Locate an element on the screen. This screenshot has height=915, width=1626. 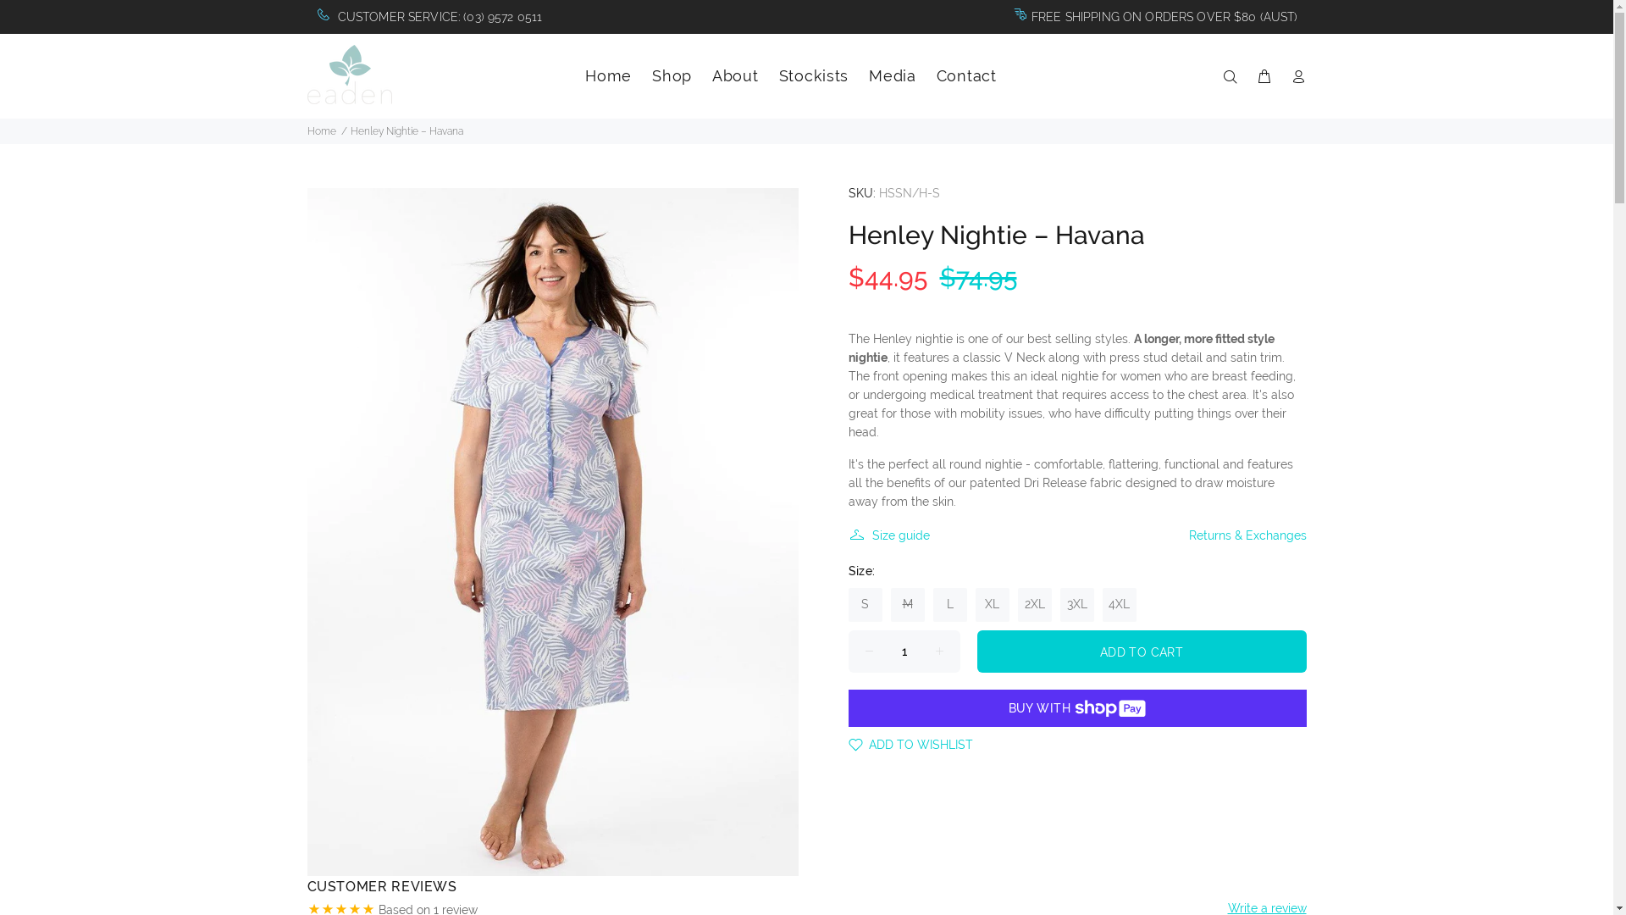
'Returns & Exchanges' is located at coordinates (1242, 535).